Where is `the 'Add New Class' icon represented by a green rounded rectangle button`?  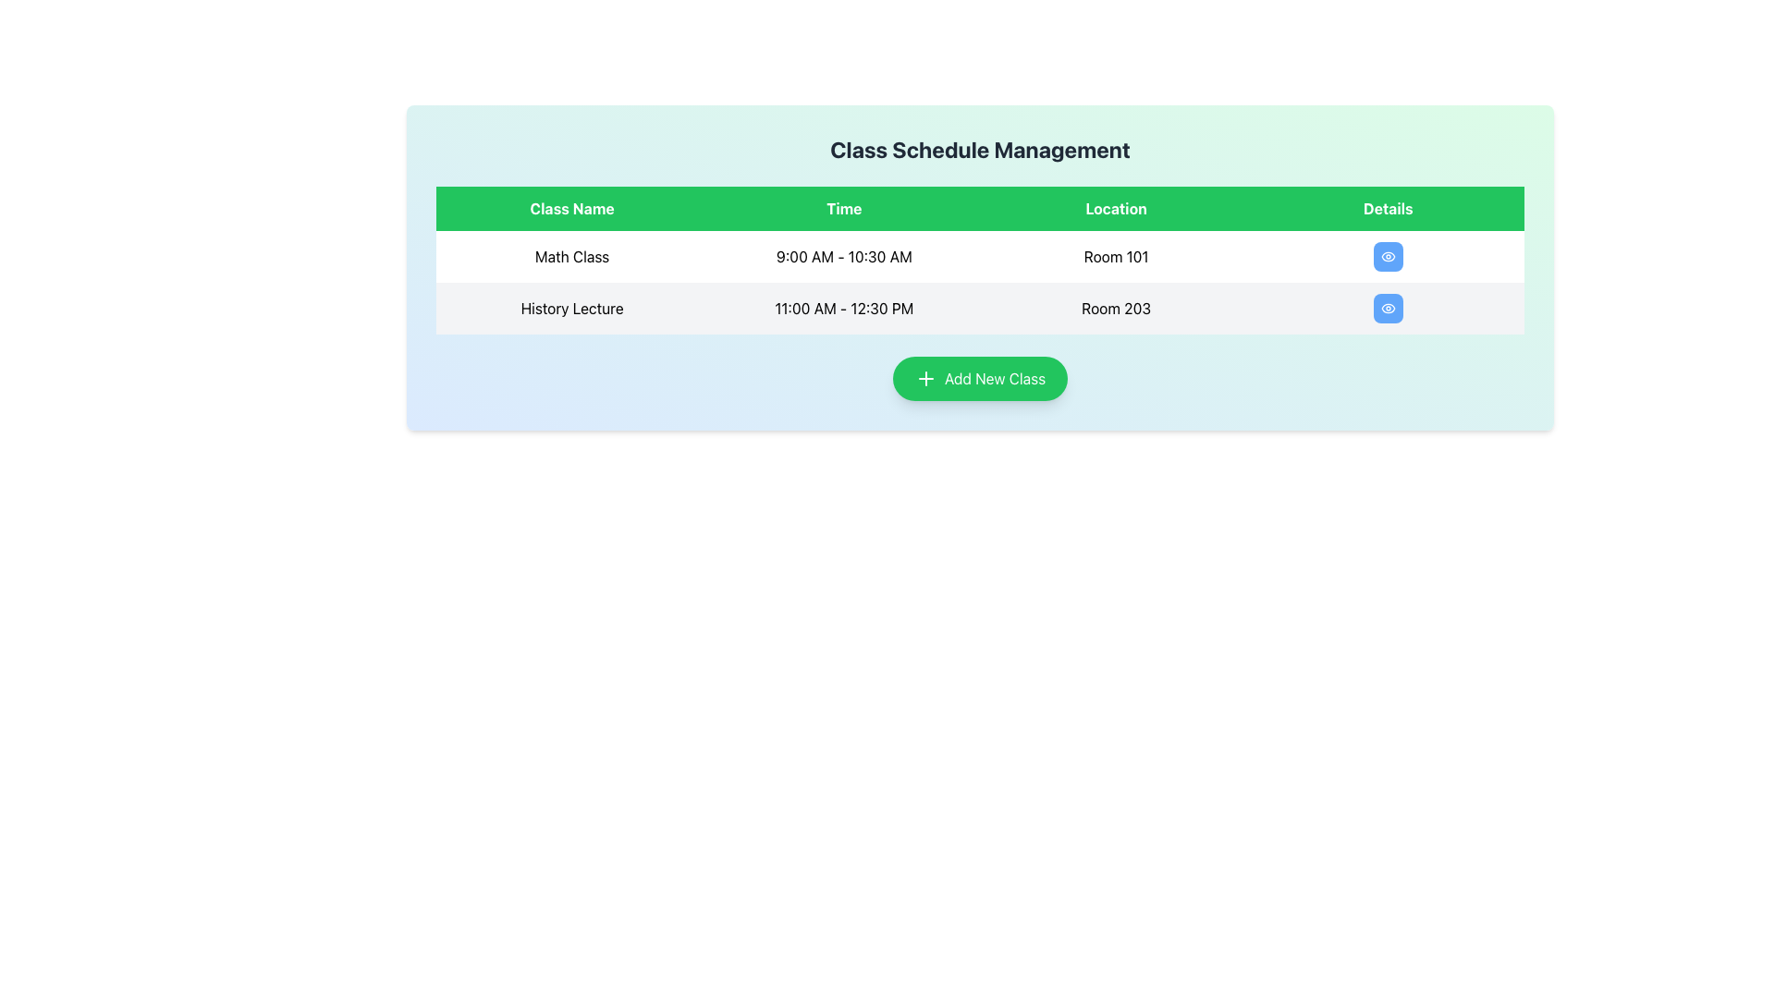
the 'Add New Class' icon represented by a green rounded rectangle button is located at coordinates (925, 377).